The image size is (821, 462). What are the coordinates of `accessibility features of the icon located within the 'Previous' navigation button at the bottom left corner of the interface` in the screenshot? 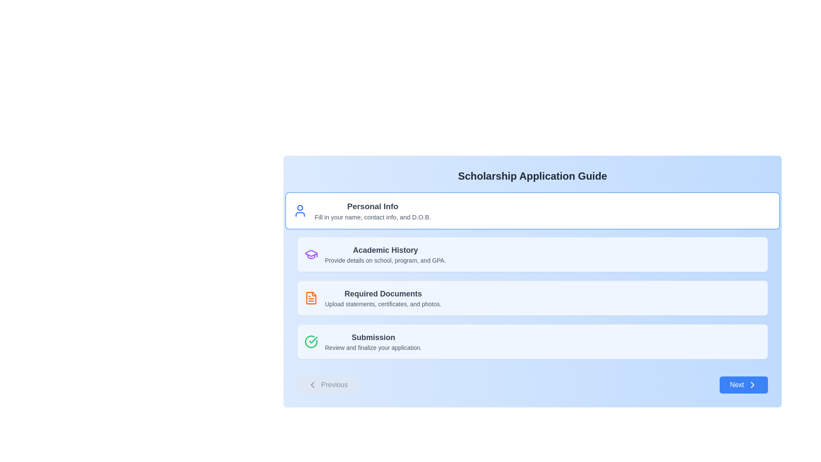 It's located at (312, 384).